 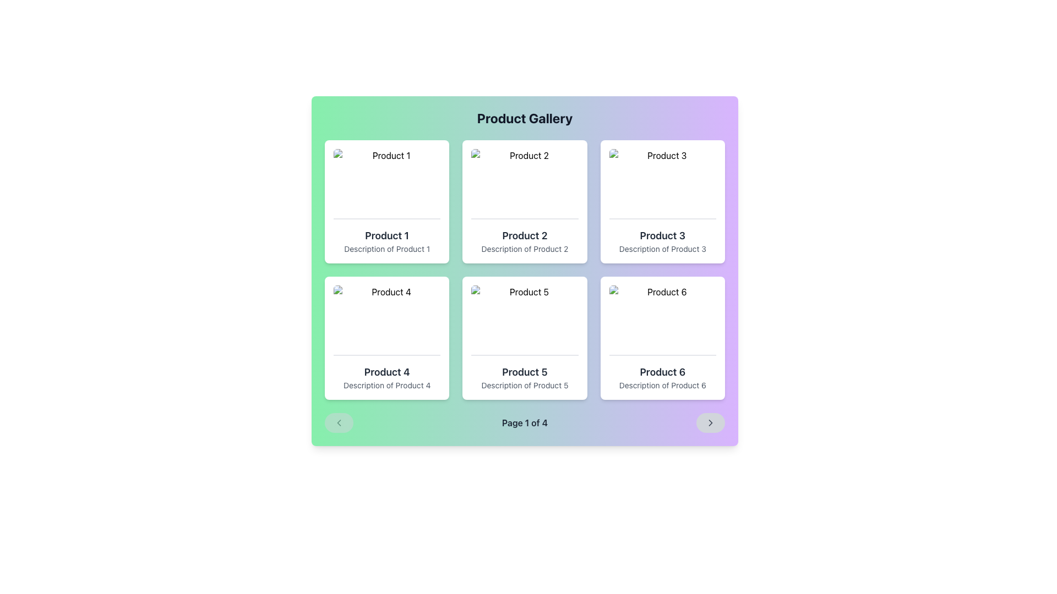 I want to click on the image labeled 'Product 1' to zoom in, which is located at the top section of the card in the first row and first column of a grid layout, so click(x=387, y=184).